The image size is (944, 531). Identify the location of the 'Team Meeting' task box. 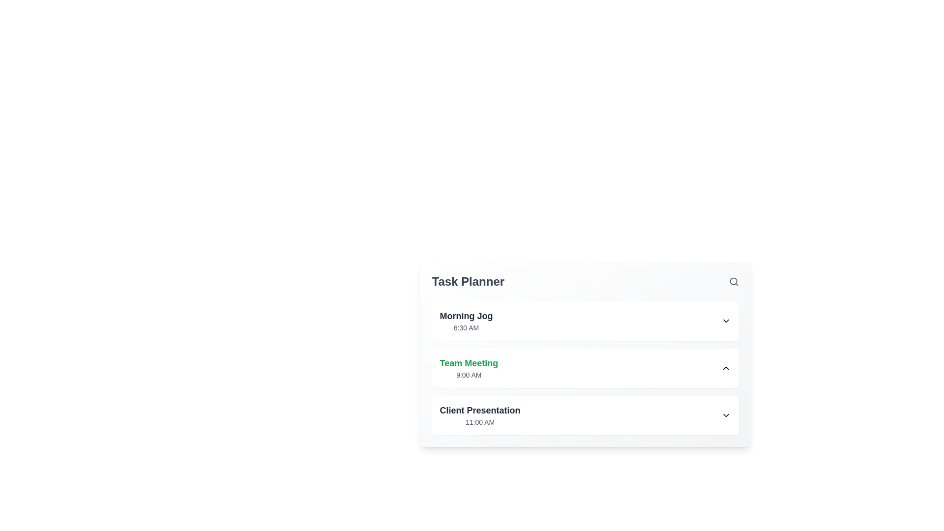
(585, 354).